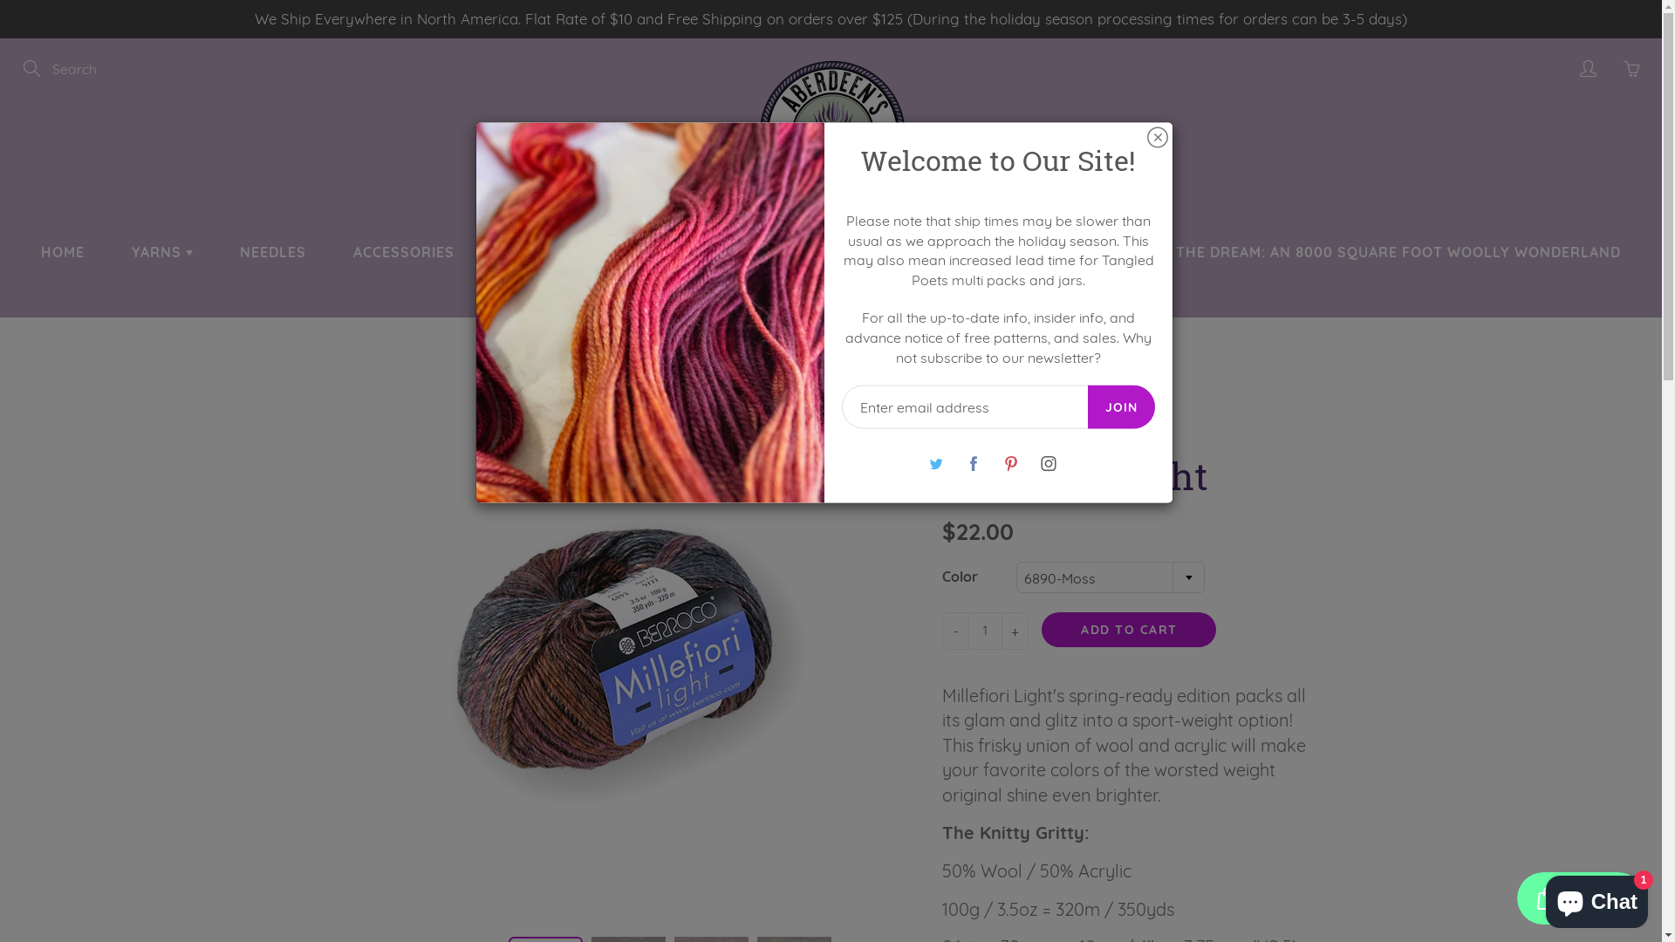 The height and width of the screenshot is (942, 1675). What do you see at coordinates (996, 462) in the screenshot?
I see `'Pinterest'` at bounding box center [996, 462].